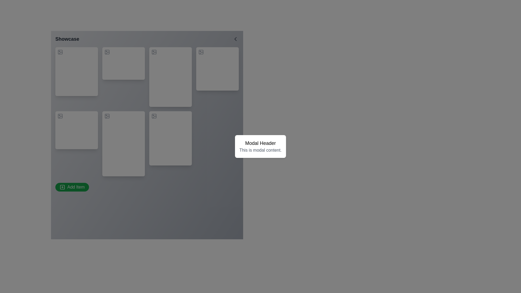 The image size is (521, 293). What do you see at coordinates (60, 52) in the screenshot?
I see `the small square icon with rounded corners located at the top-left corner of the primary card in the interface` at bounding box center [60, 52].